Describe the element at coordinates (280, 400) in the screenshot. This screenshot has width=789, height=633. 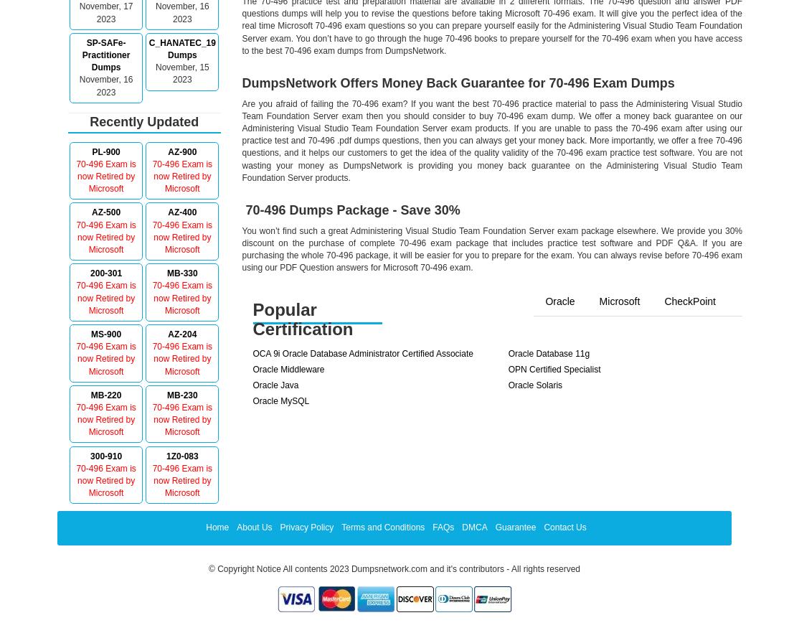
I see `'Oracle MySQL'` at that location.